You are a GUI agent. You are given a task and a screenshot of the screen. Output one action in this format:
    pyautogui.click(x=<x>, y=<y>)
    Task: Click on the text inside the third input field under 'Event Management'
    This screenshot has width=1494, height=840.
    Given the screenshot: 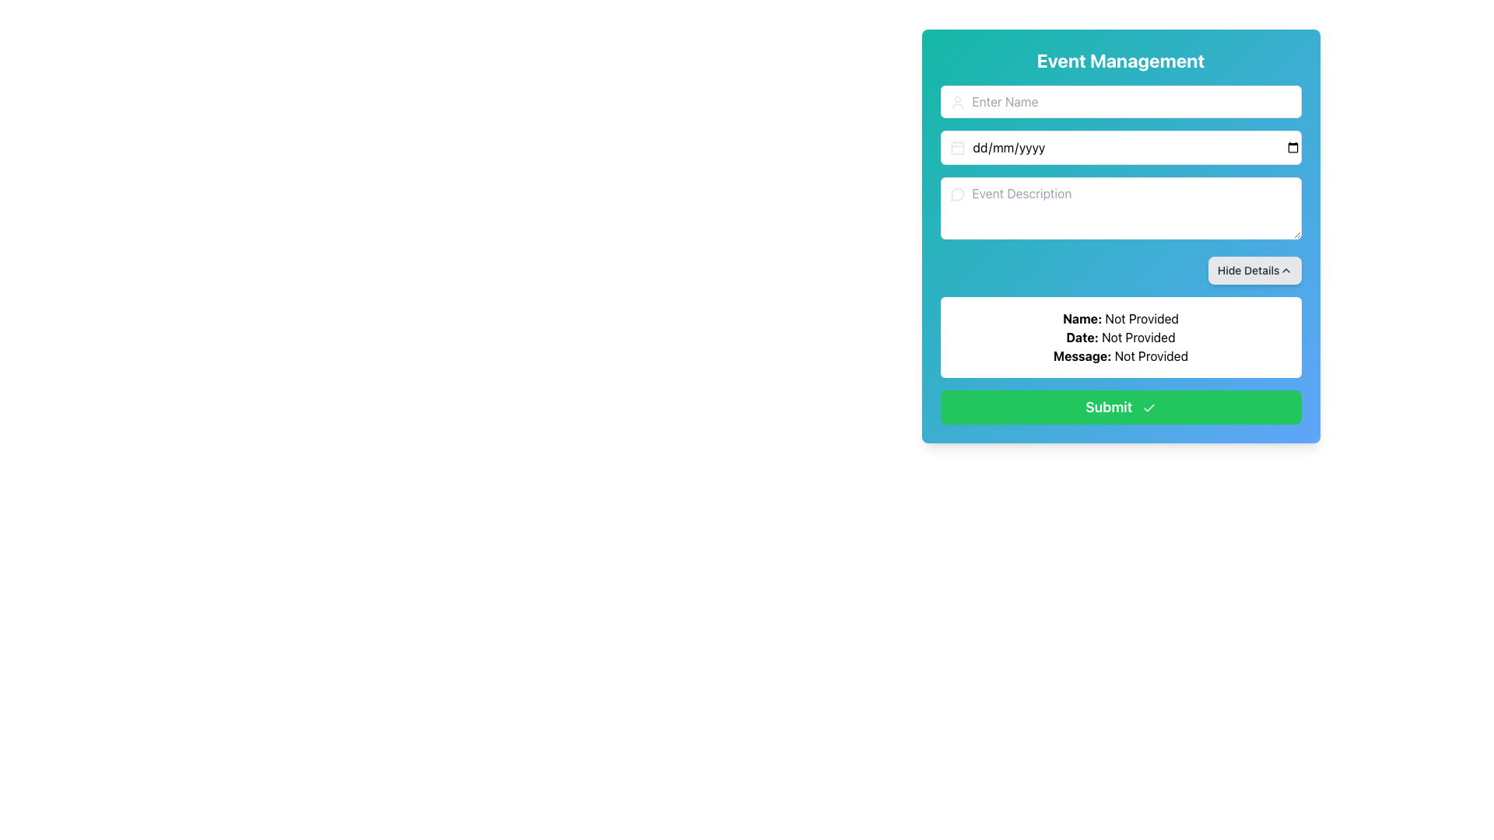 What is the action you would take?
    pyautogui.click(x=1120, y=210)
    